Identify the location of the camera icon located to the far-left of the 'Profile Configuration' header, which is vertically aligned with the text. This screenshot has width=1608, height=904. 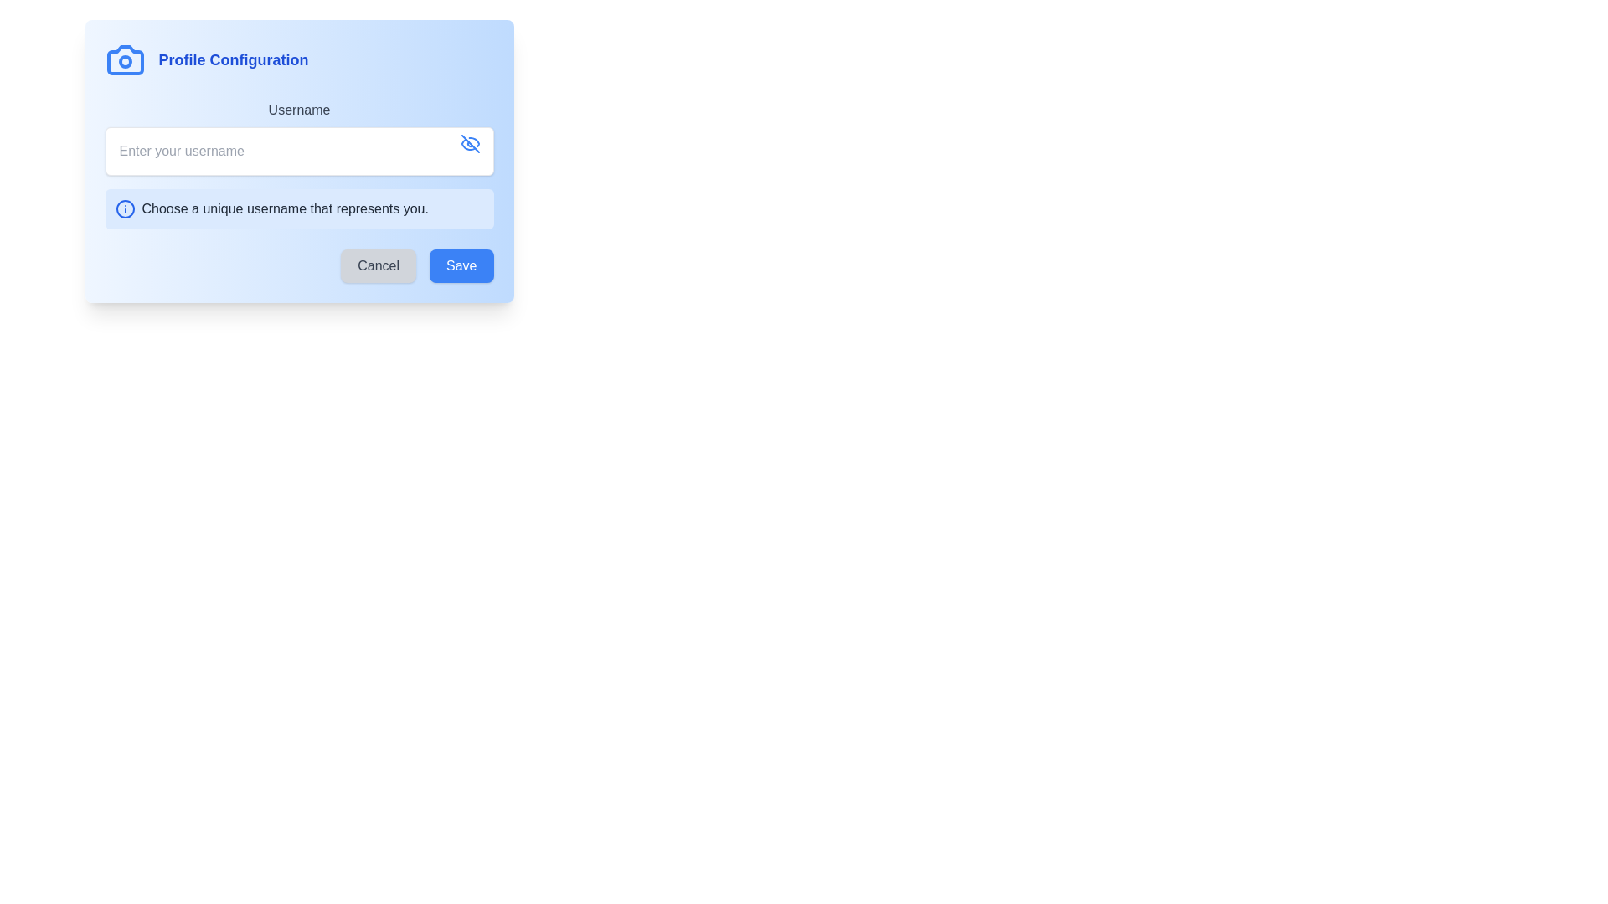
(124, 59).